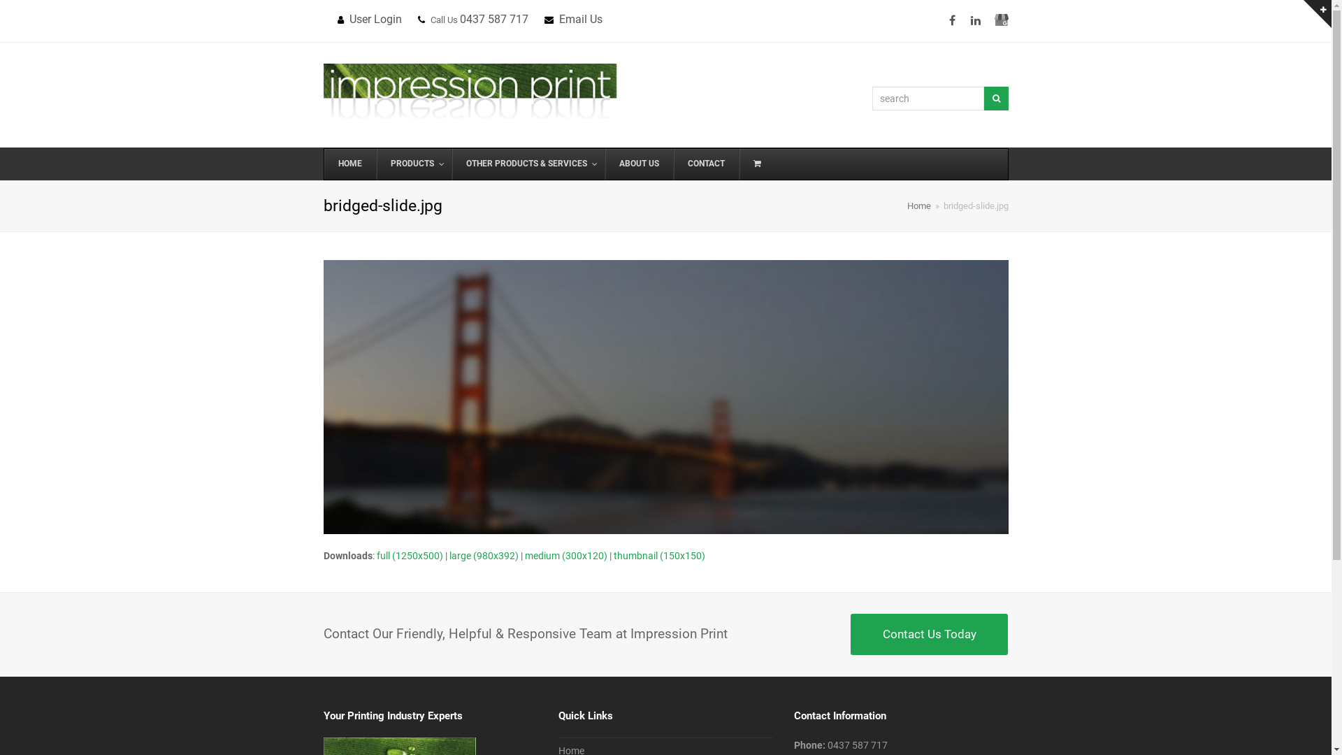  What do you see at coordinates (850, 633) in the screenshot?
I see `'Contact Us Today'` at bounding box center [850, 633].